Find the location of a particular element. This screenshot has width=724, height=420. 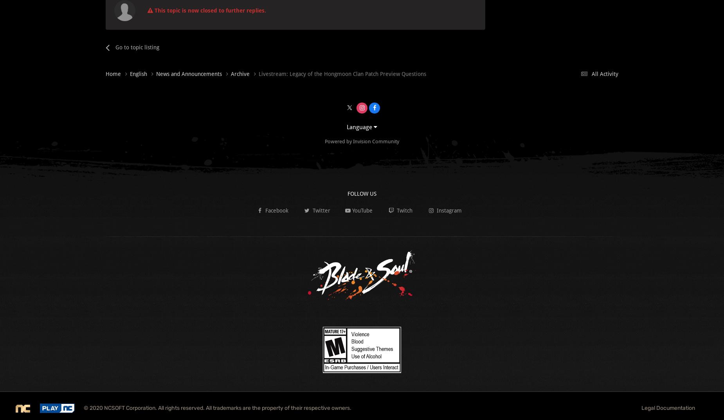

'Facebook' is located at coordinates (276, 210).